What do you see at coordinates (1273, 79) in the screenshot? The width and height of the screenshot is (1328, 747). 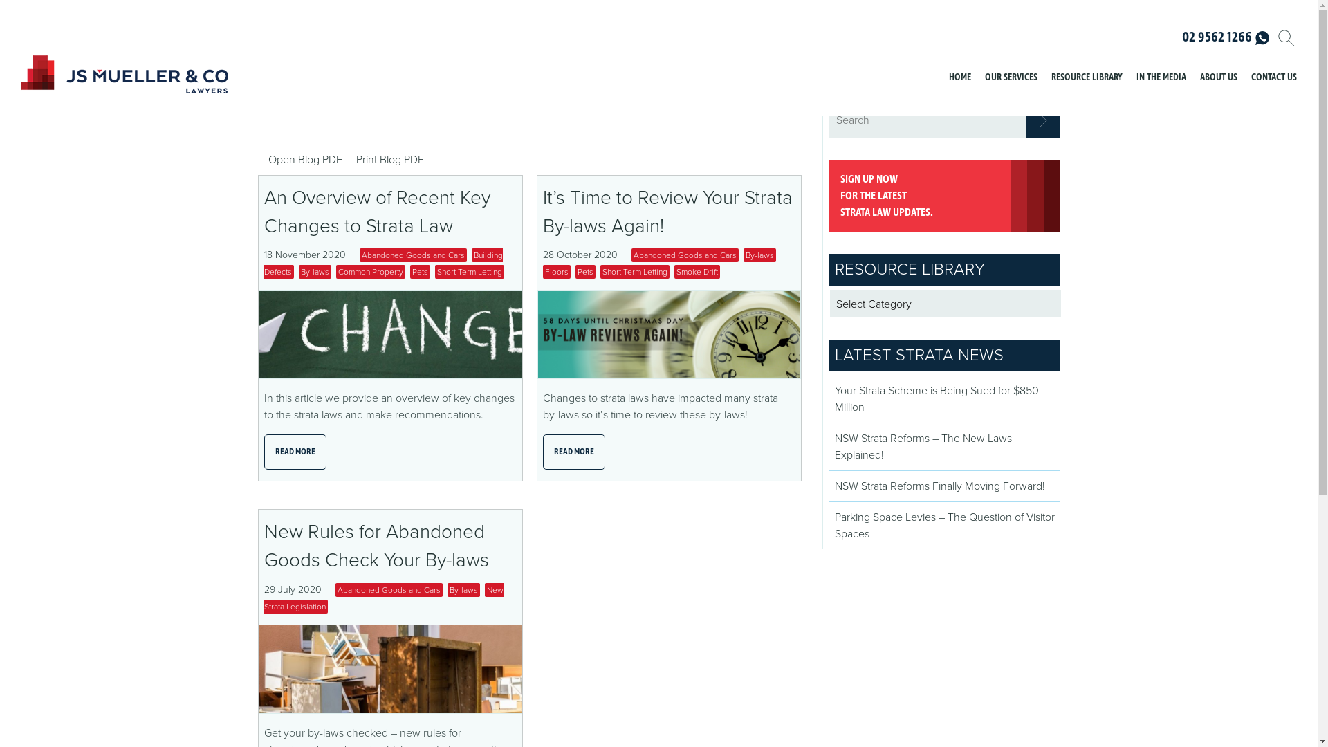 I see `'CONTACT US'` at bounding box center [1273, 79].